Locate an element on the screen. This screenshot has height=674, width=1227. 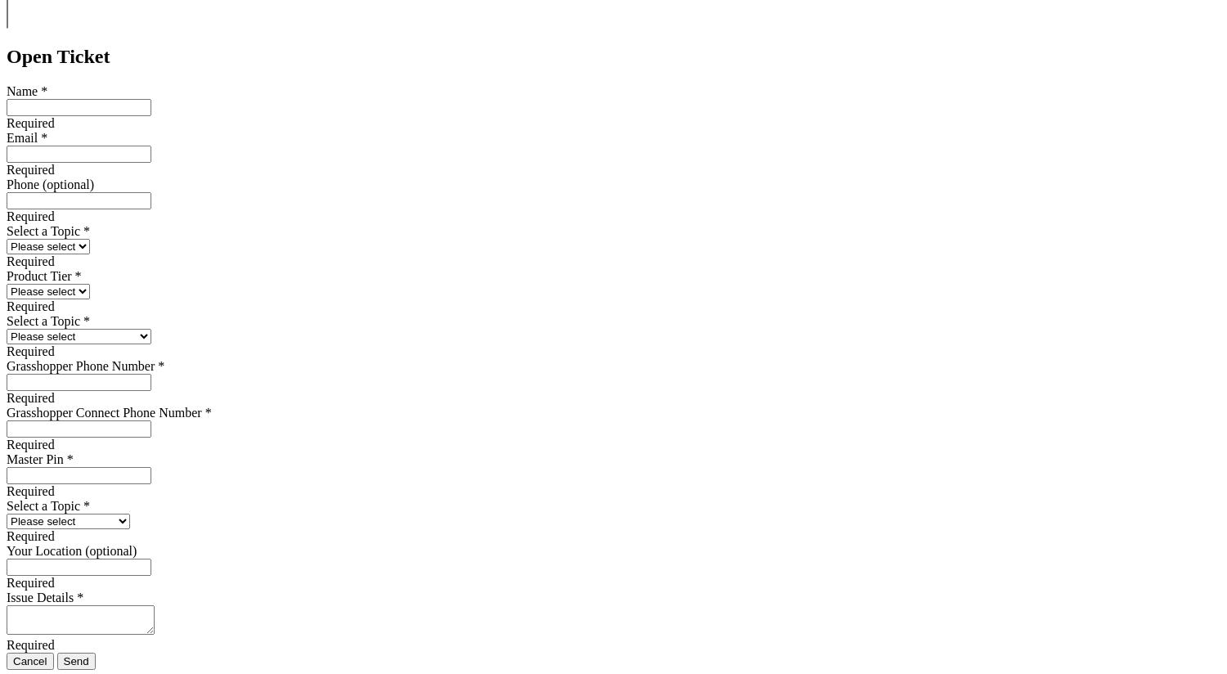
'Email' is located at coordinates (21, 137).